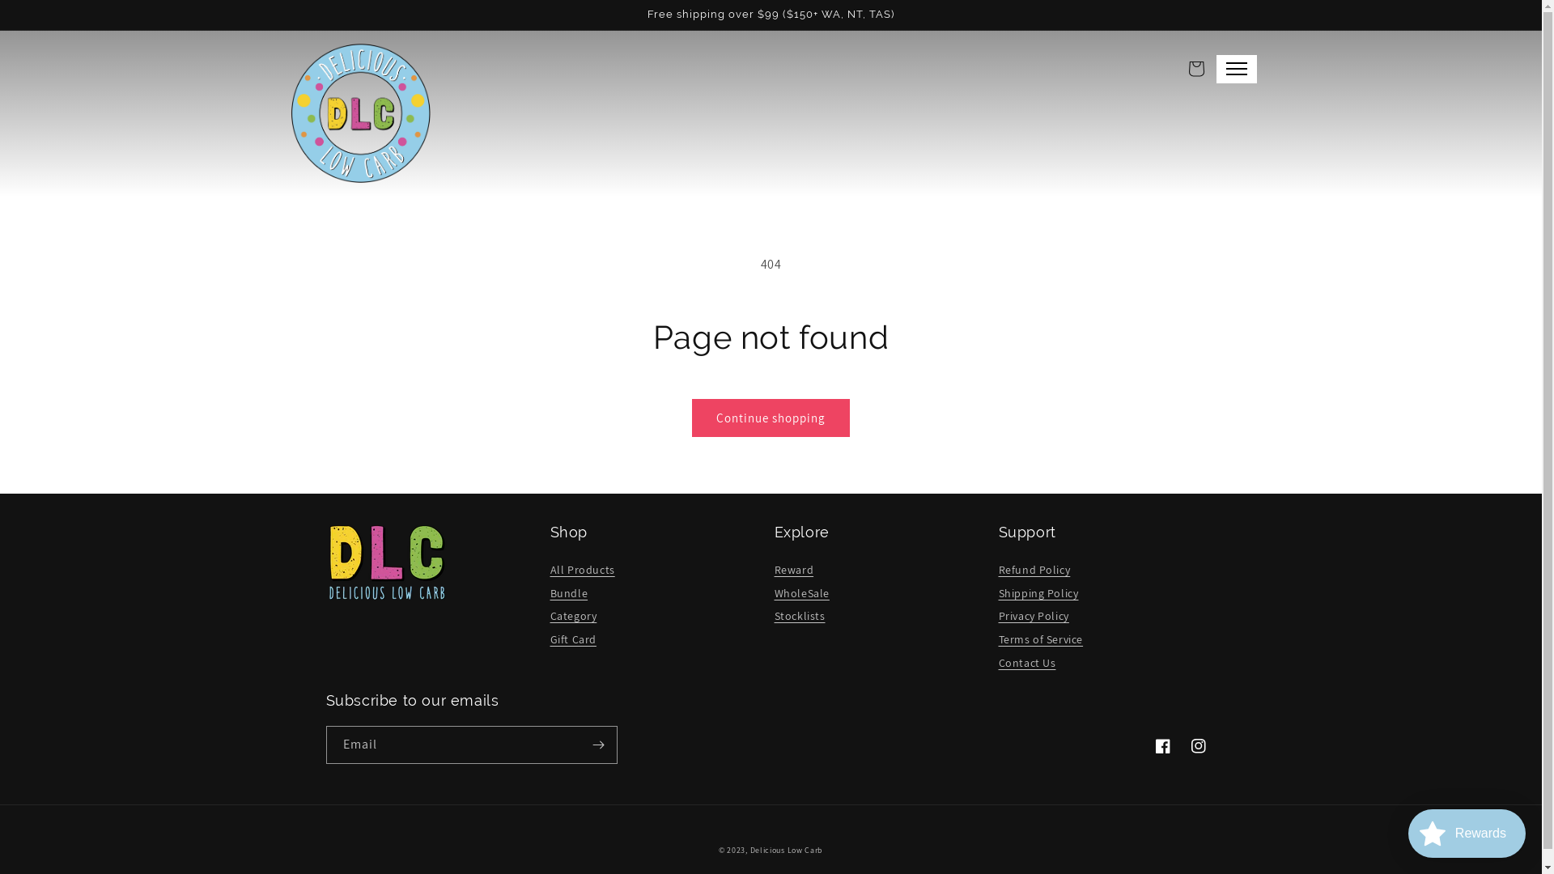 The height and width of the screenshot is (874, 1554). Describe the element at coordinates (1197, 745) in the screenshot. I see `'Instagram'` at that location.